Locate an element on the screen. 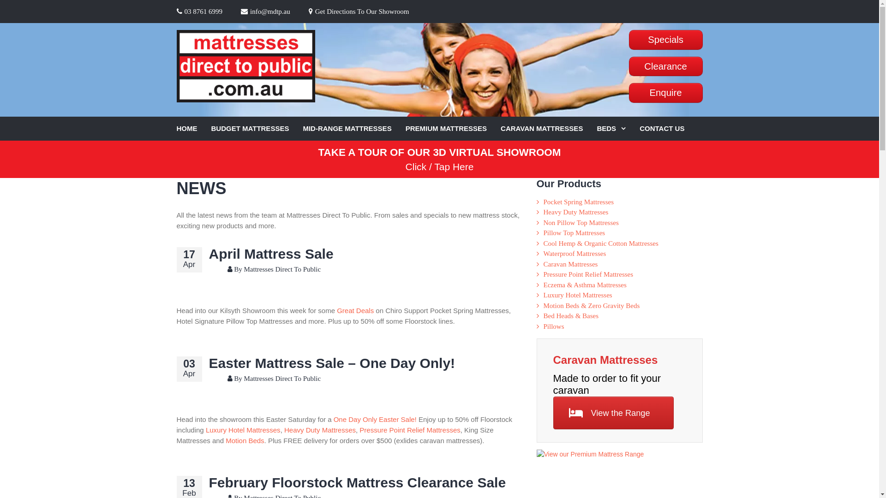  'CARAVAN MATTRESSES' is located at coordinates (549, 129).